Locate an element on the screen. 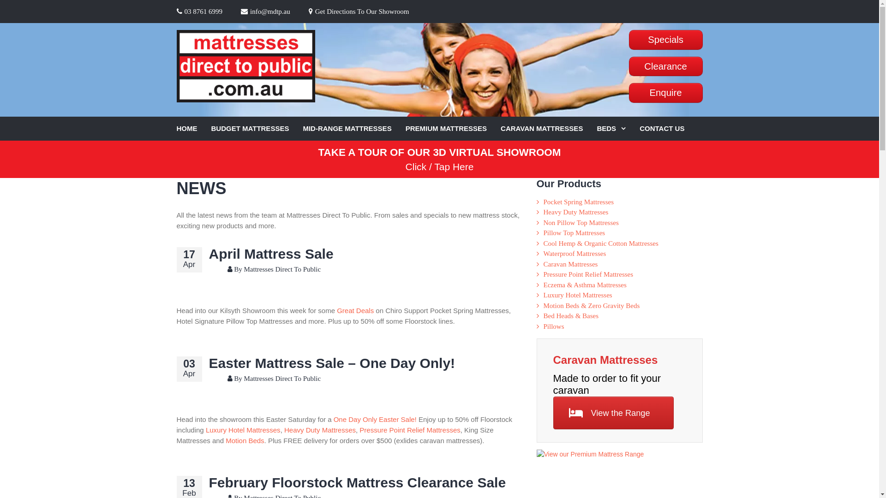  'CARAVAN MATTRESSES' is located at coordinates (549, 129).